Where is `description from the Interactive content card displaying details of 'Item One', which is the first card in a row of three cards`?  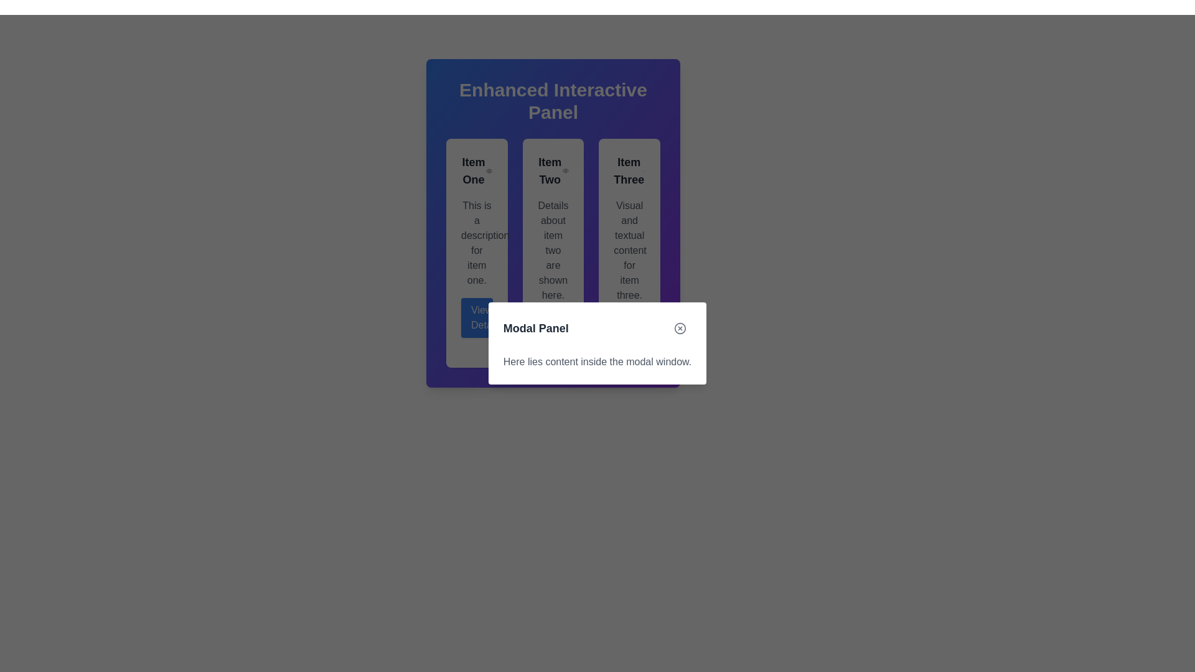
description from the Interactive content card displaying details of 'Item One', which is the first card in a row of three cards is located at coordinates (476, 253).